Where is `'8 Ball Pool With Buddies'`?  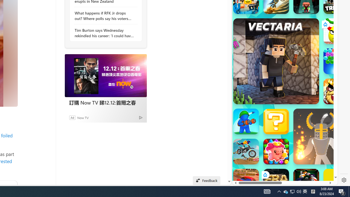 '8 Ball Pool With Buddies' is located at coordinates (306, 182).